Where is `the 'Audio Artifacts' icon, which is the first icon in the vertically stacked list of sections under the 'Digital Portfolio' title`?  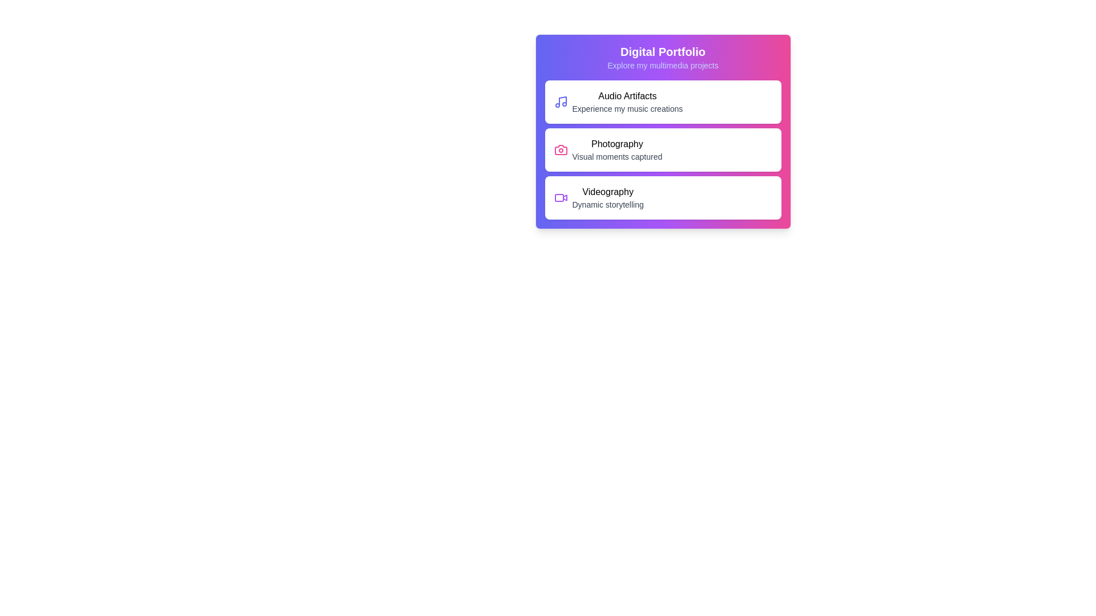
the 'Audio Artifacts' icon, which is the first icon in the vertically stacked list of sections under the 'Digital Portfolio' title is located at coordinates (561, 101).